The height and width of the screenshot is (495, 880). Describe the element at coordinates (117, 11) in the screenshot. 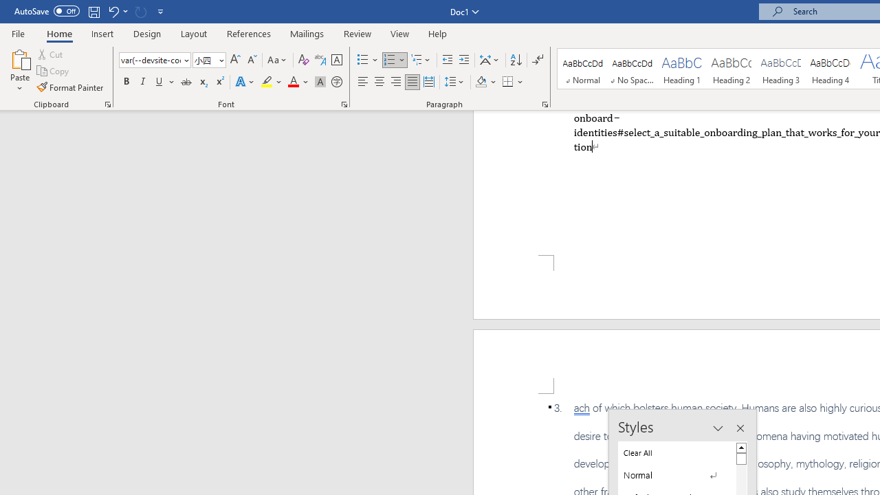

I see `'Undo Apply Quick Style'` at that location.